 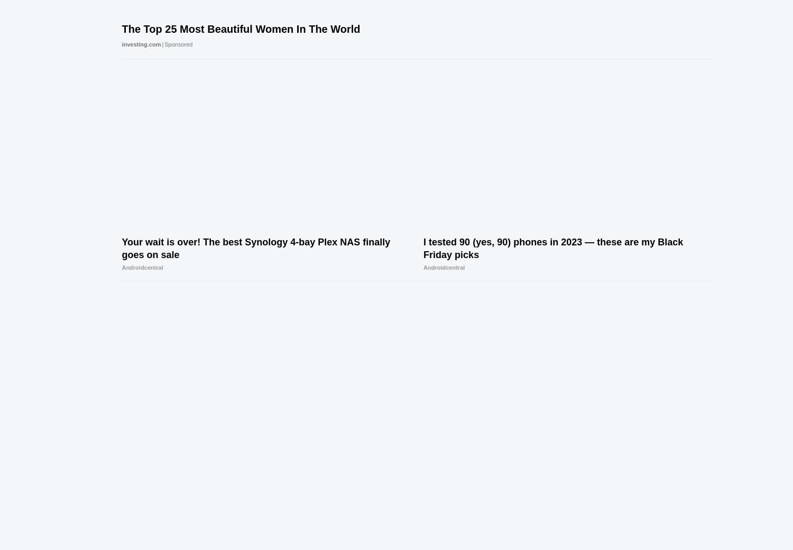 I want to click on 'Privacy', so click(x=385, y=537).